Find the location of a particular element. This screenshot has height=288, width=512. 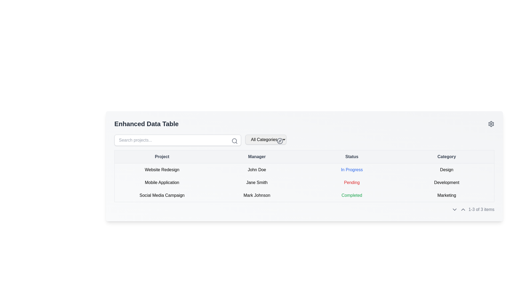

the status indication of the Text Label located in the 'Status' column of the first row, which visually indicates the current project status is located at coordinates (352, 170).